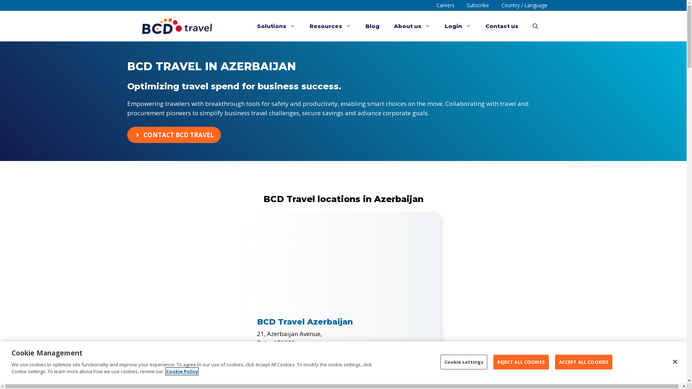 The image size is (692, 389). What do you see at coordinates (494, 5) in the screenshot?
I see `'Country / Language'` at bounding box center [494, 5].